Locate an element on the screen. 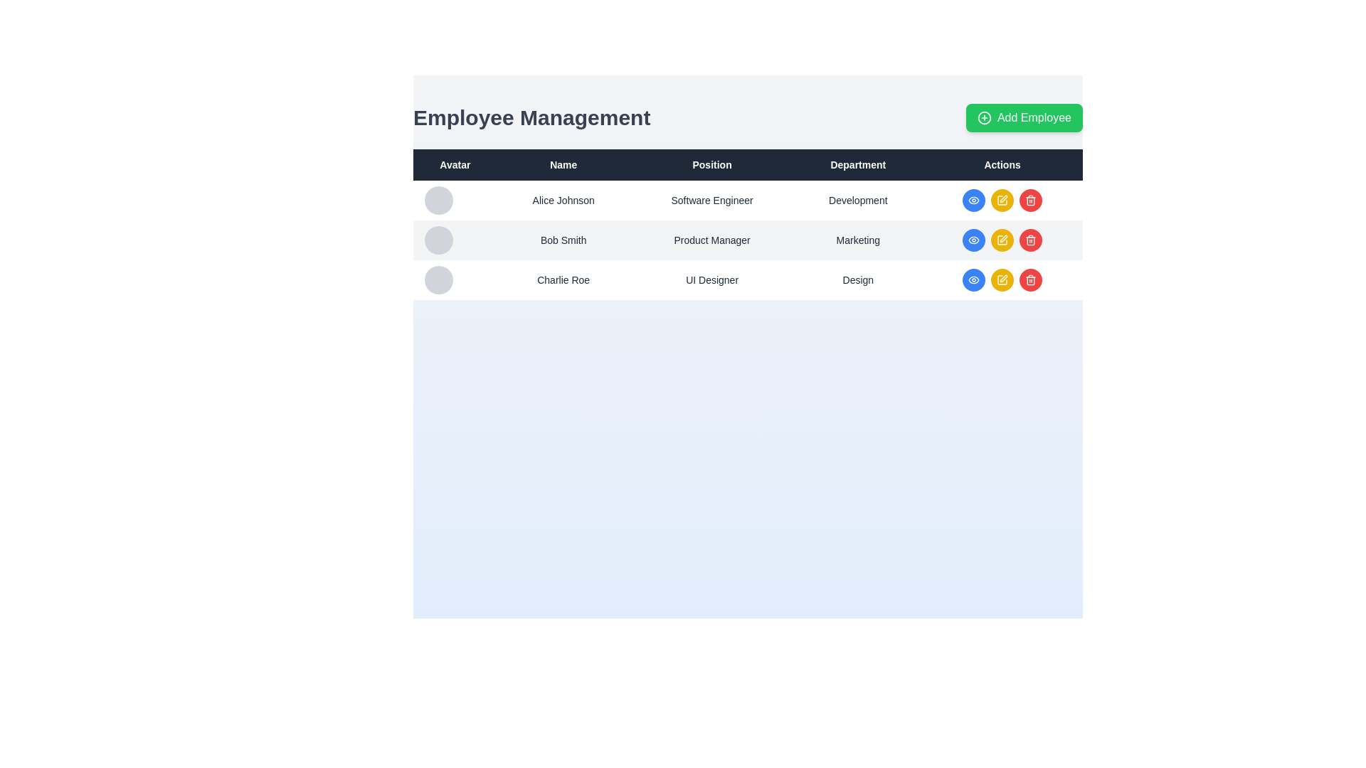  the 'Edit' button in the 'Actions' column of the last row for the employee entry of 'Charlie Roe' to initiate the edit action is located at coordinates (1002, 279).